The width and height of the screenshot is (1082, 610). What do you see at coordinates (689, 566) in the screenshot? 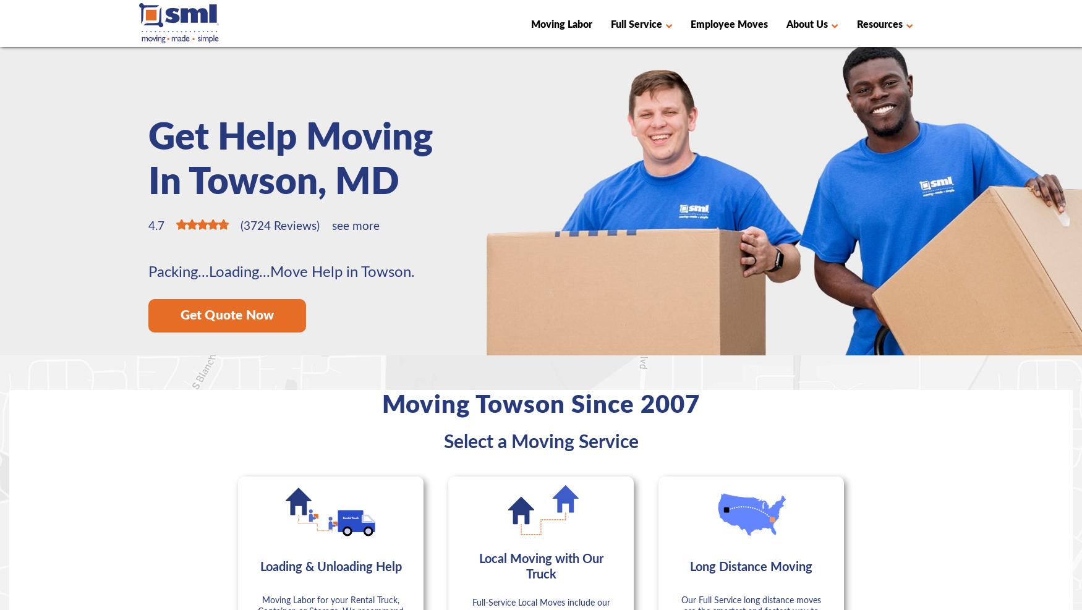
I see `'Long Distance Moving'` at bounding box center [689, 566].